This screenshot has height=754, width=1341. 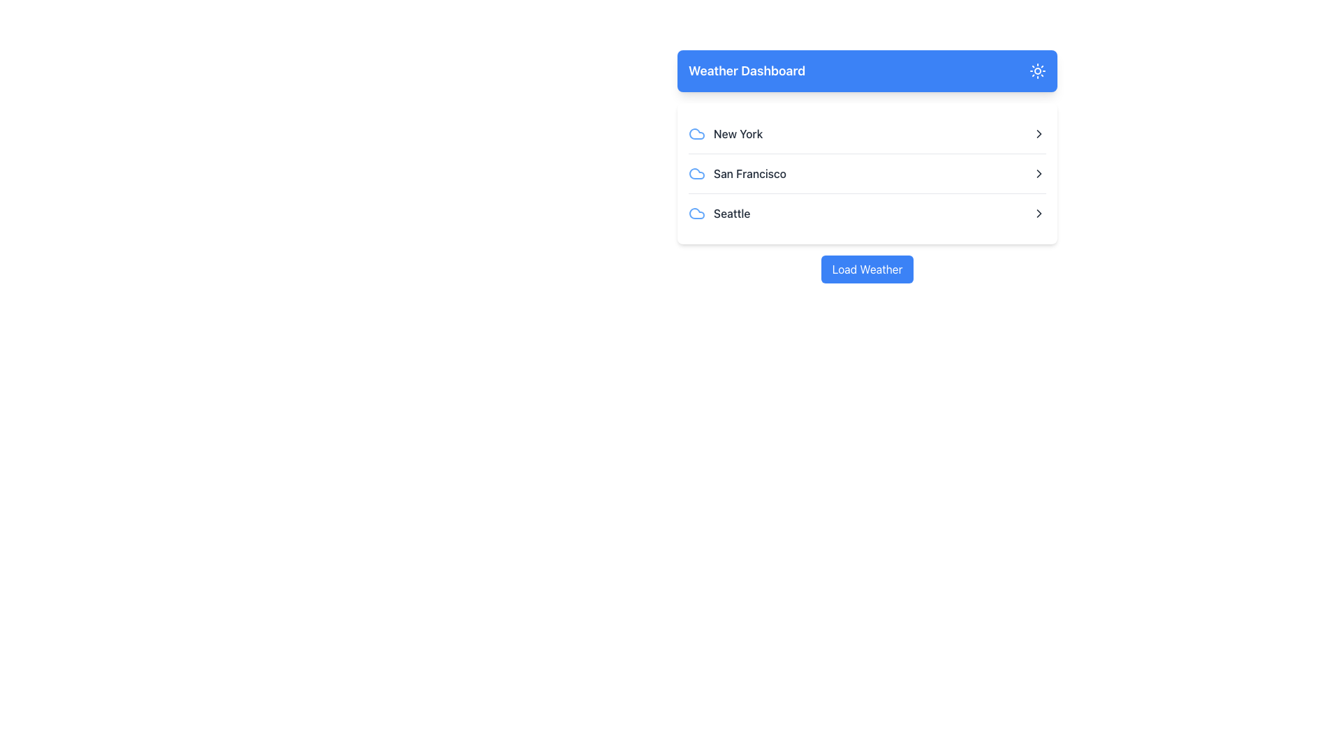 I want to click on the cloud status icon located on the left side of the 'Seattle' list item in the Weather Dashboard interface, so click(x=697, y=213).